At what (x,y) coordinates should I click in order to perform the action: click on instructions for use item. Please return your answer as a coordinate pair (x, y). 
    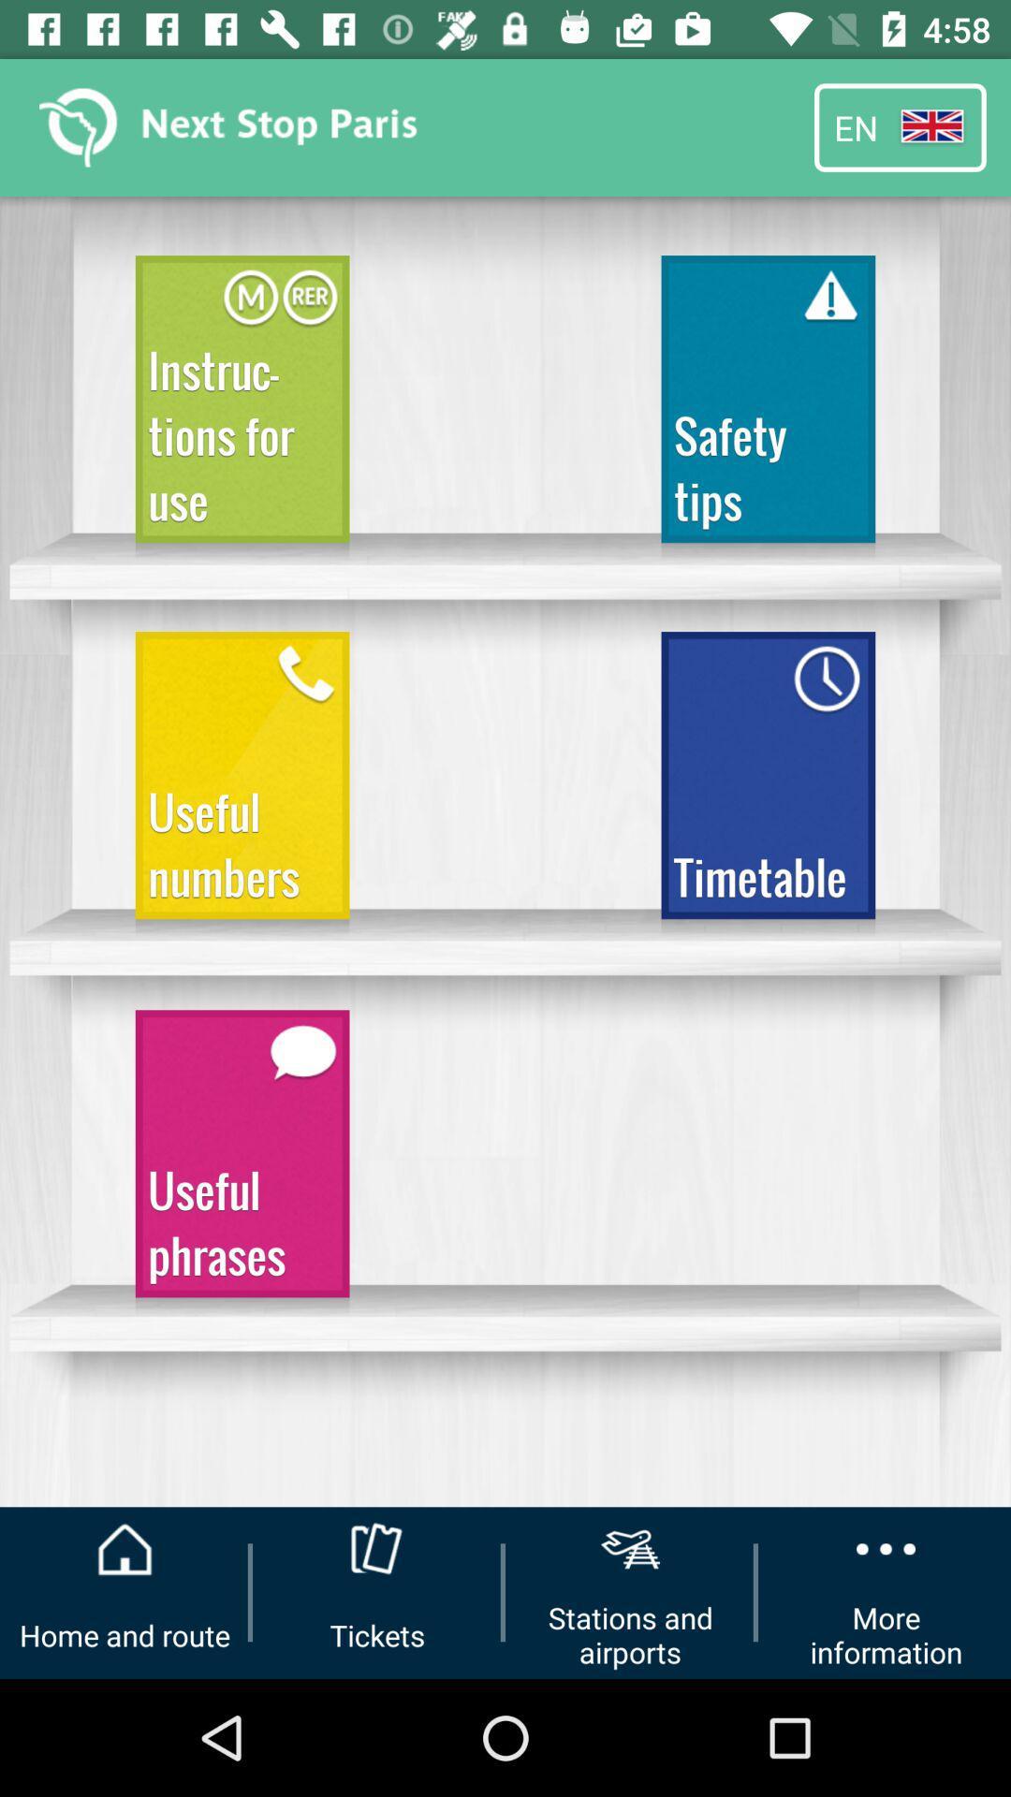
    Looking at the image, I should click on (242, 406).